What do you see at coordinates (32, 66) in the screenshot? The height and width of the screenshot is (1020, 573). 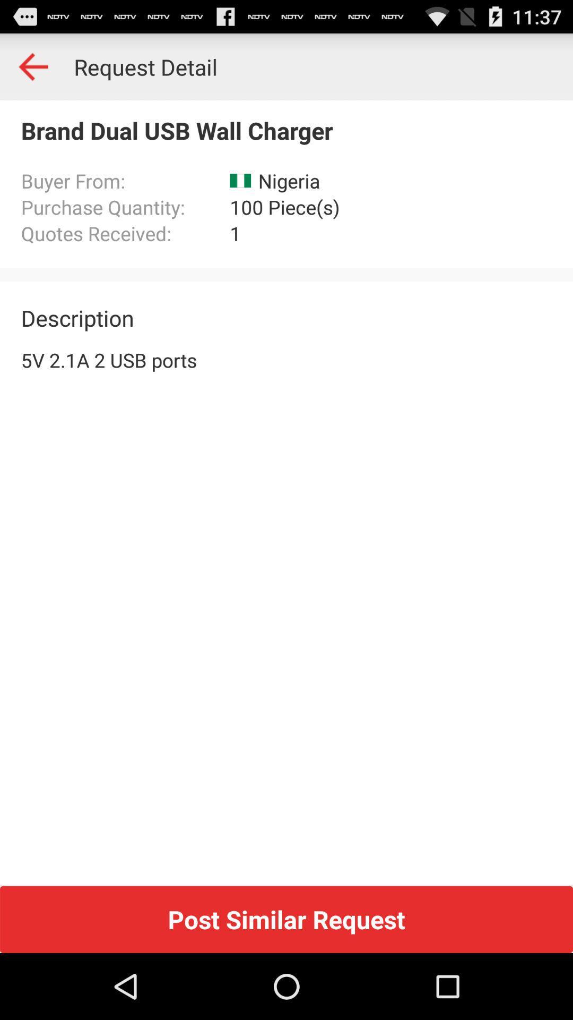 I see `post similar request` at bounding box center [32, 66].